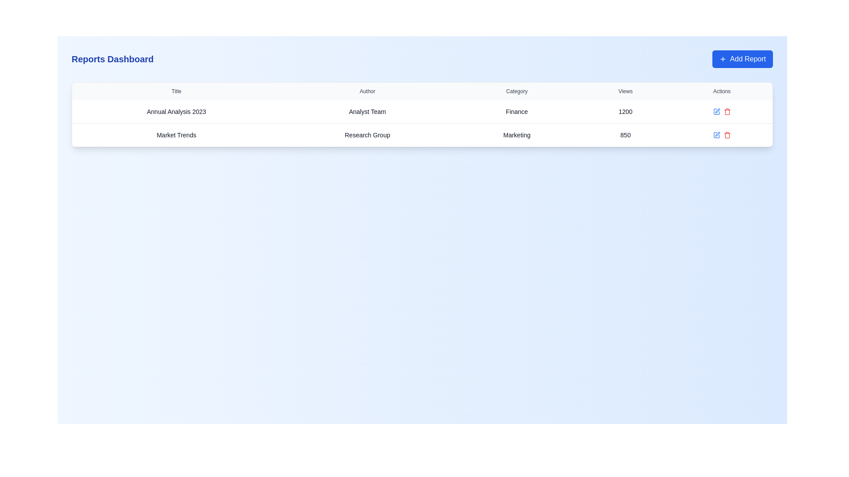  Describe the element at coordinates (716, 135) in the screenshot. I see `the edit action icon within the 'Actions' column of the Reports Dashboard table` at that location.